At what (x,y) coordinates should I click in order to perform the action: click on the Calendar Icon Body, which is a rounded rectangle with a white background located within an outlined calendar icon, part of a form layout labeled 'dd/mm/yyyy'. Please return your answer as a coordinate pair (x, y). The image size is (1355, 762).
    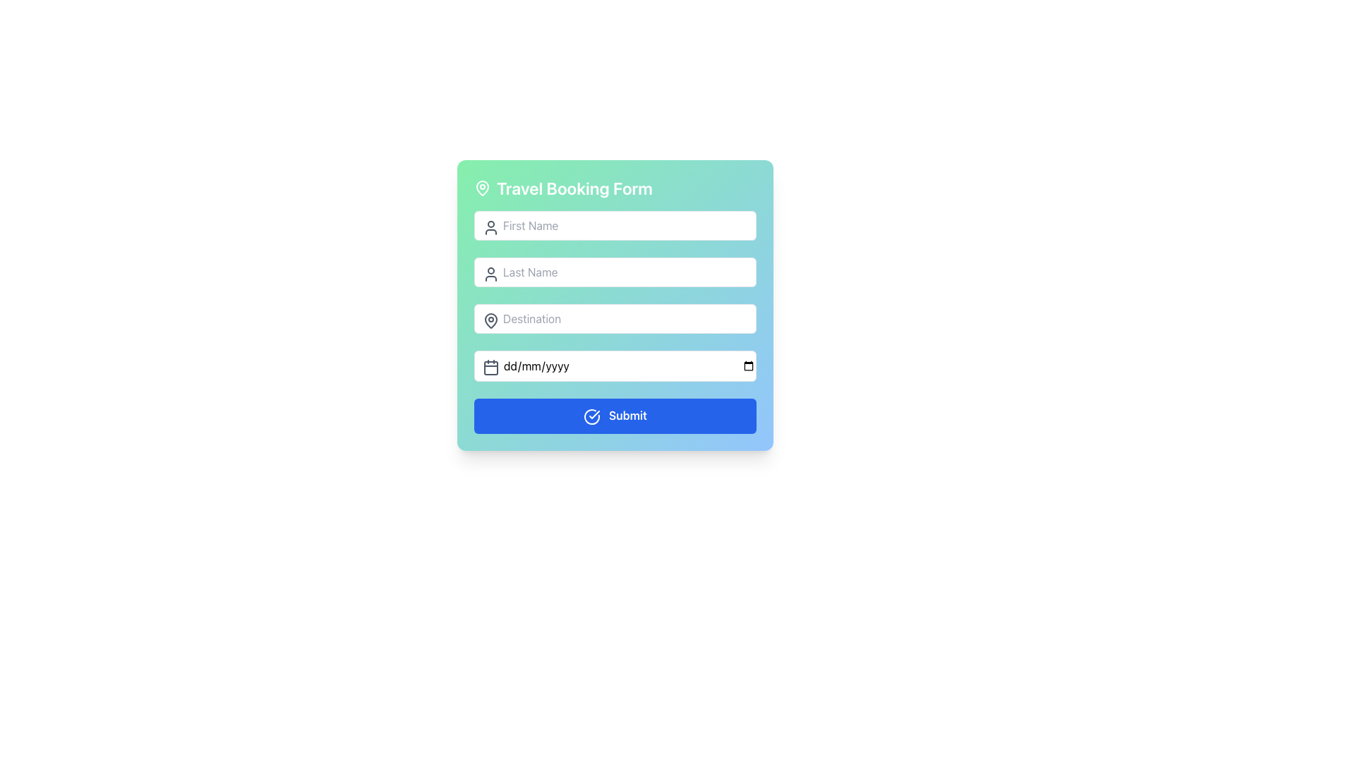
    Looking at the image, I should click on (491, 367).